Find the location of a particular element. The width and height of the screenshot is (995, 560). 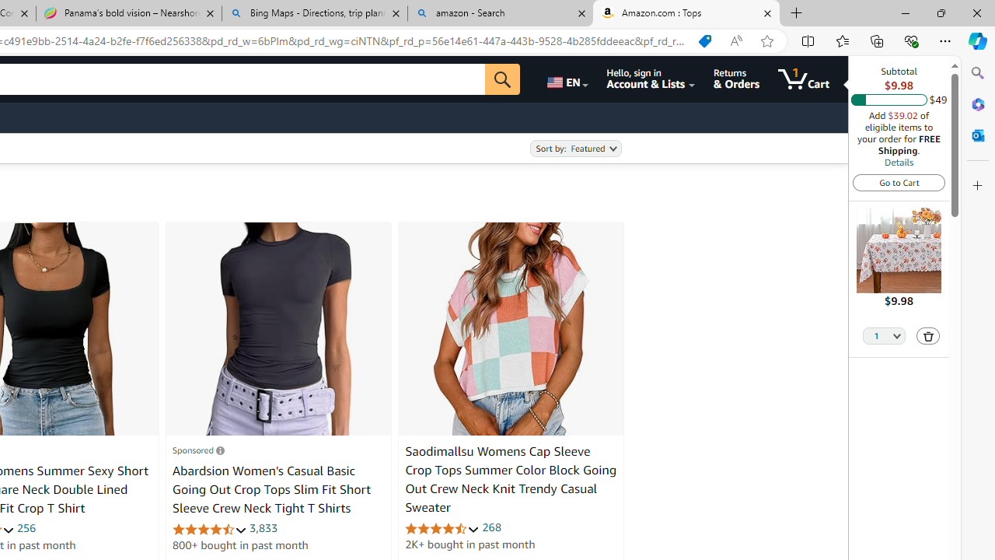

'3,833' is located at coordinates (264, 527).